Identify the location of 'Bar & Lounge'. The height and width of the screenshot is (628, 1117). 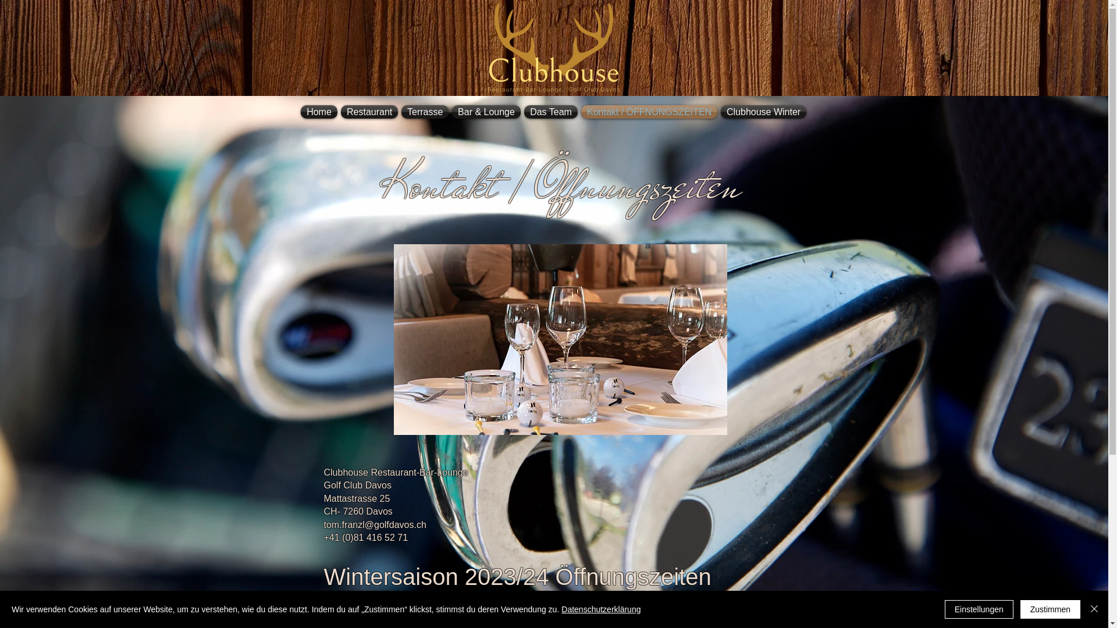
(486, 112).